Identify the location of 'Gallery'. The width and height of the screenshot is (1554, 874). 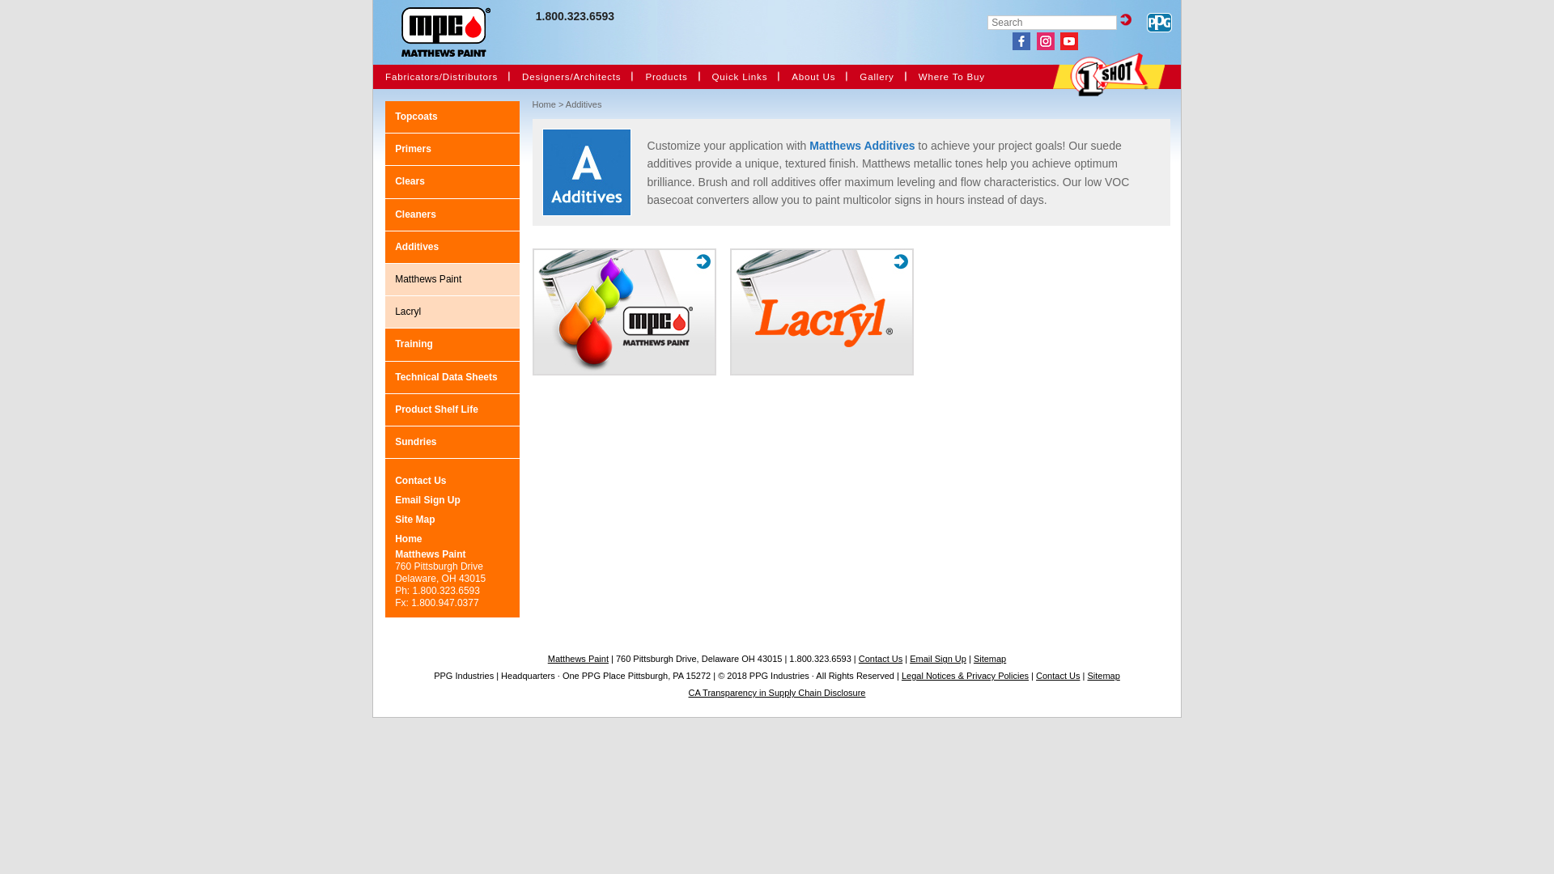
(846, 77).